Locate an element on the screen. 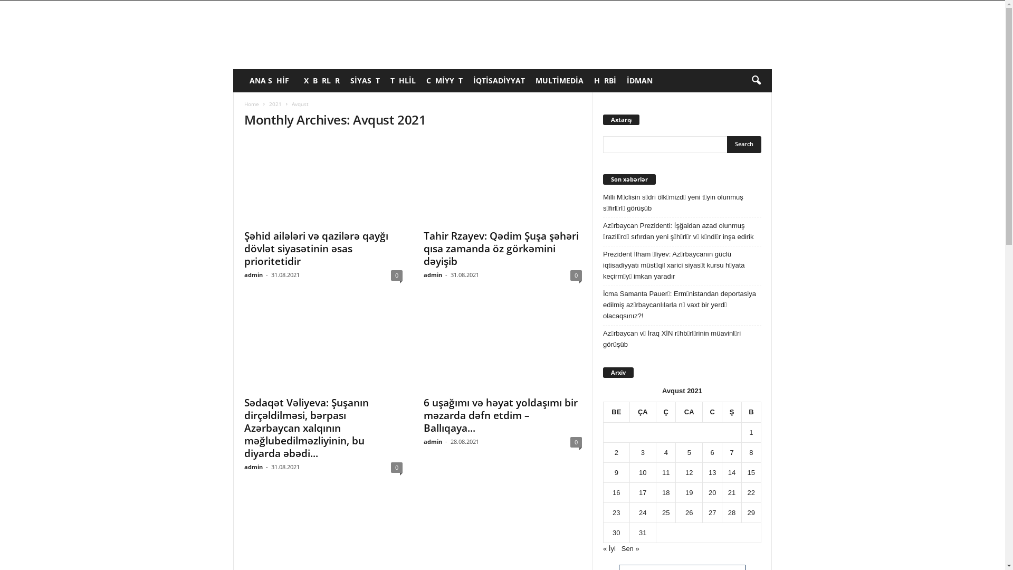 The width and height of the screenshot is (1013, 570). '2' is located at coordinates (616, 452).